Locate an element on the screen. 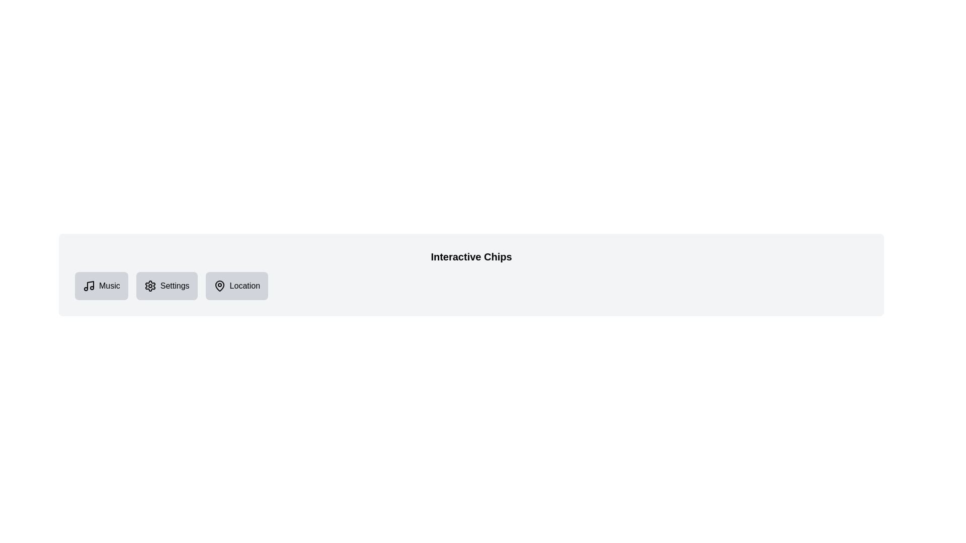 The image size is (966, 543). the chip labeled Location to observe its hover effect is located at coordinates (236, 286).